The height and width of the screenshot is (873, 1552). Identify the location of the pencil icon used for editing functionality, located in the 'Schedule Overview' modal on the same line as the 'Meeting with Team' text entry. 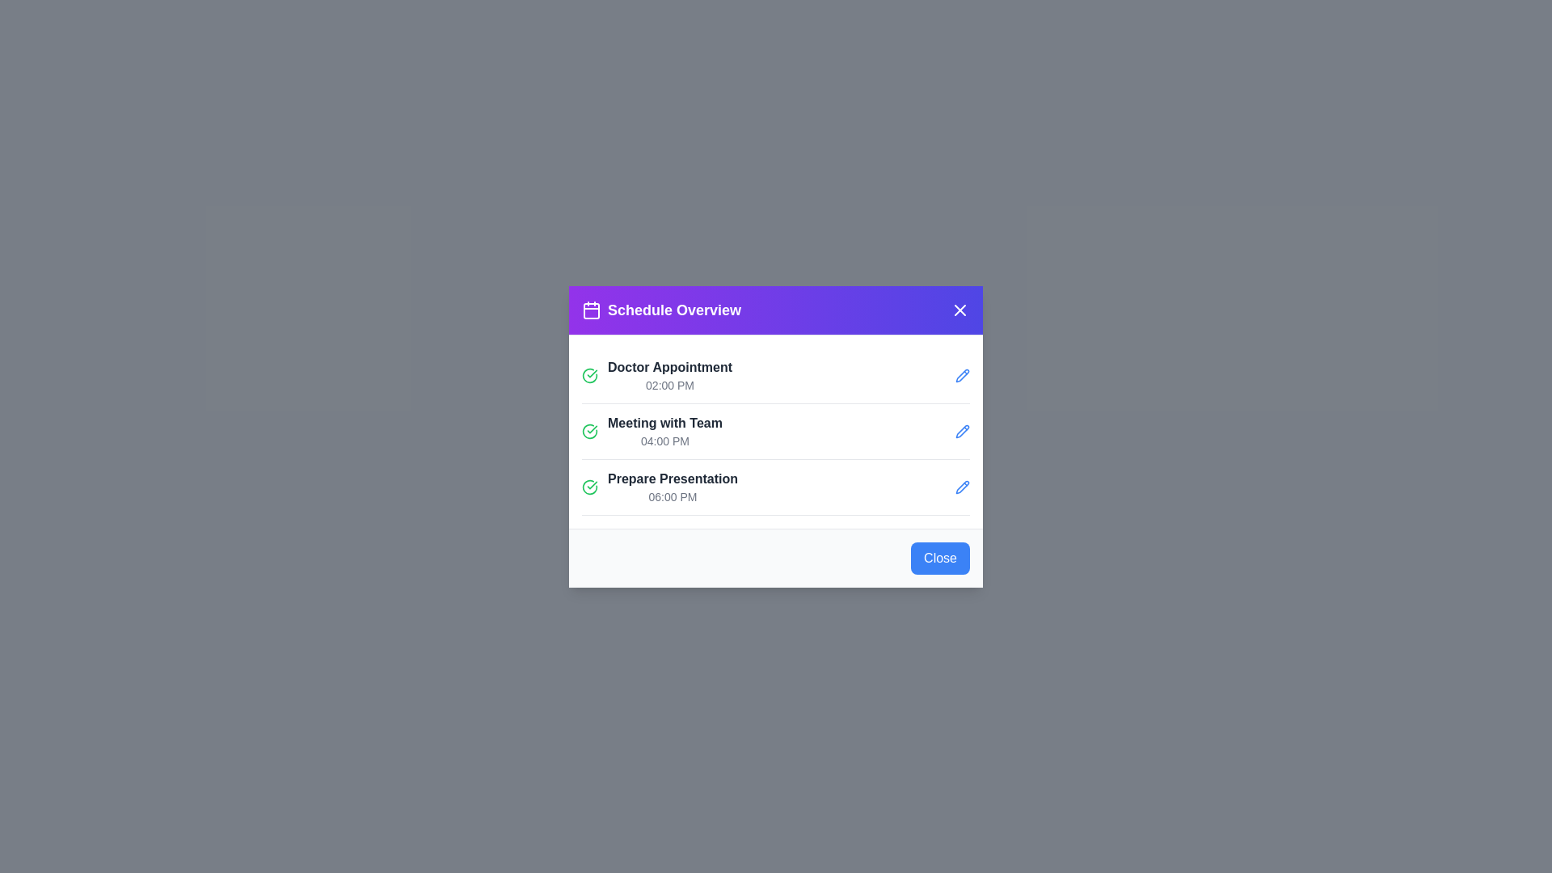
(962, 430).